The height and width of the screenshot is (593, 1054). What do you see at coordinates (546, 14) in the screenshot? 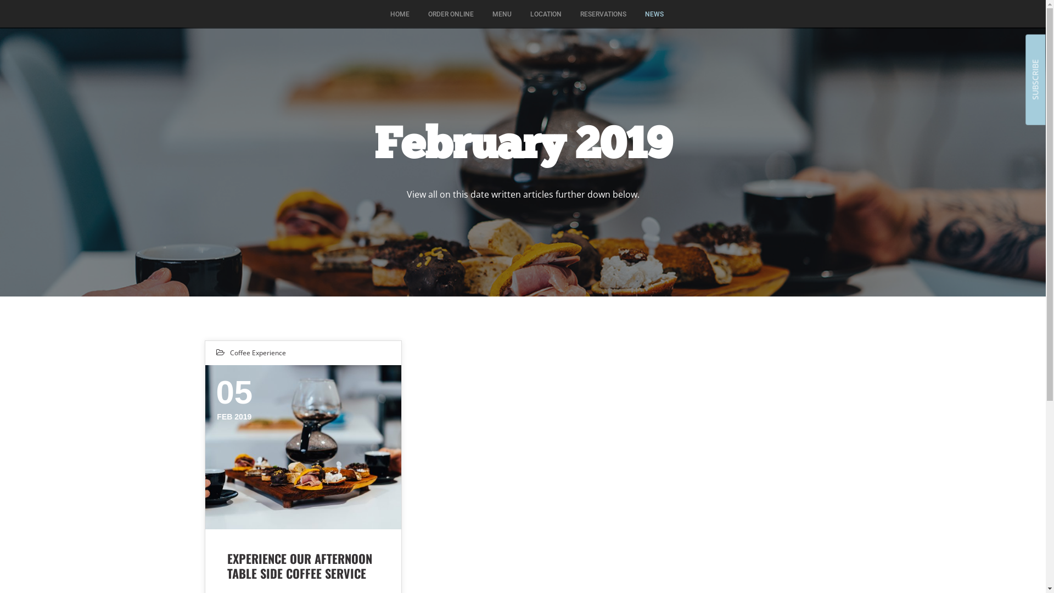
I see `'LOCATION'` at bounding box center [546, 14].